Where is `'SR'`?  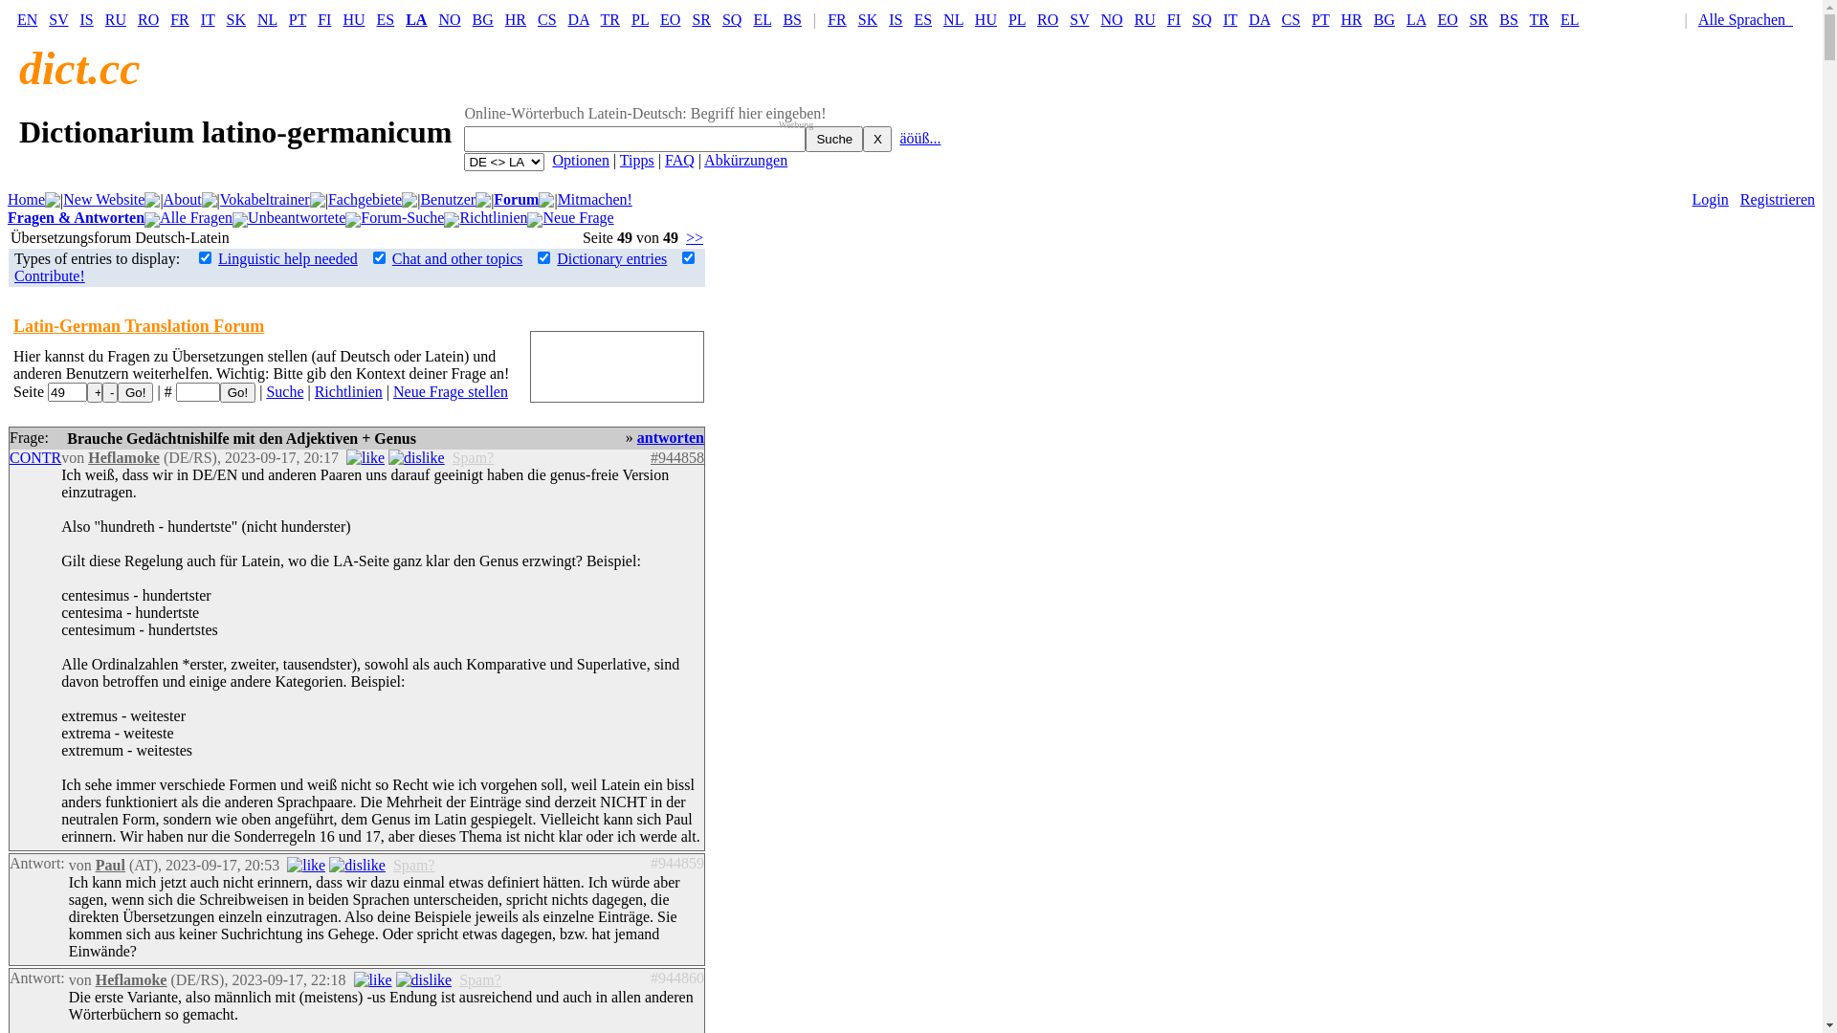
'SR' is located at coordinates (700, 19).